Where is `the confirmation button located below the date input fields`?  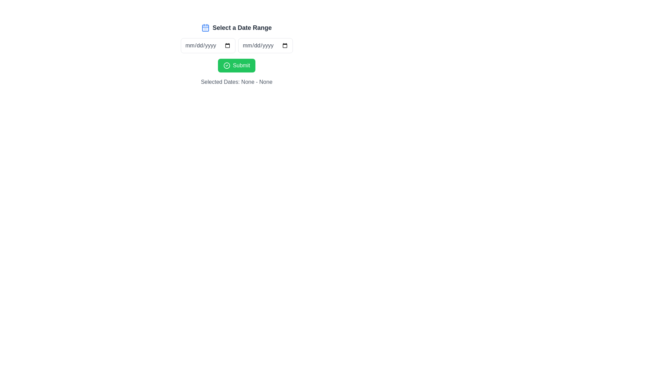 the confirmation button located below the date input fields is located at coordinates (236, 66).